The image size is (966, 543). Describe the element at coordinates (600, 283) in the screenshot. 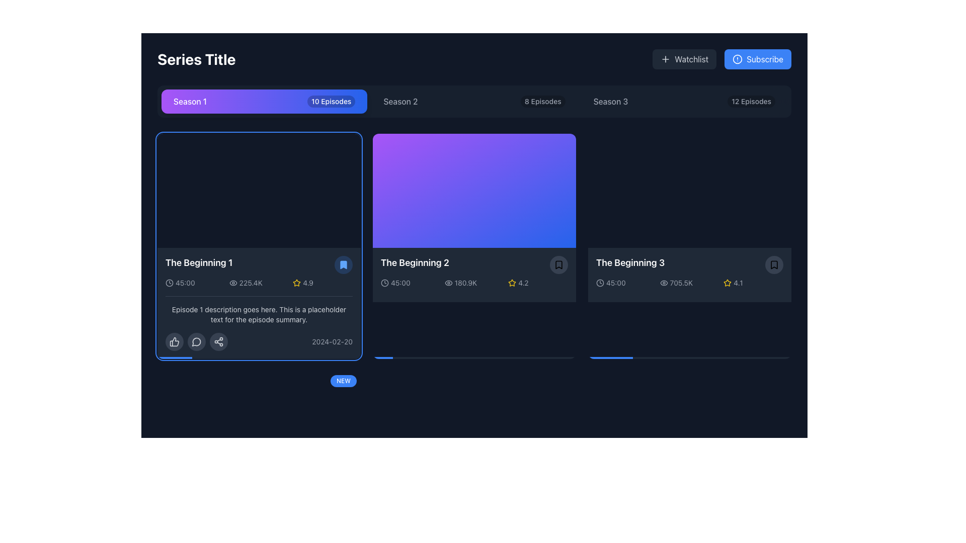

I see `the currentTime indicator portion of the clock illustration within the metadata section of the card named 'The Beginning 3'` at that location.